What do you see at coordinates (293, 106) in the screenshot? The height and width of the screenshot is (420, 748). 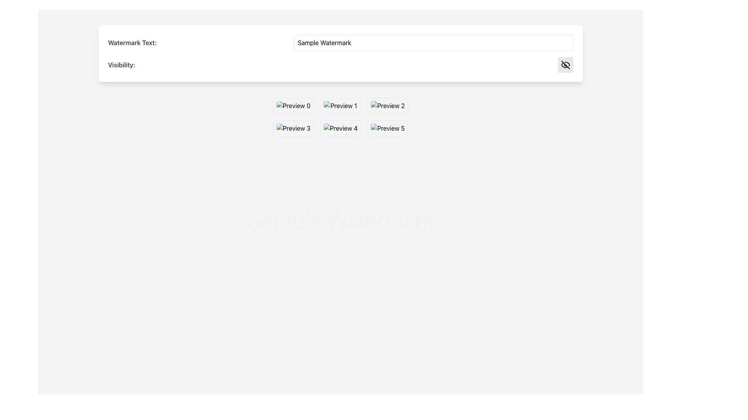 I see `the first selectable preview item` at bounding box center [293, 106].